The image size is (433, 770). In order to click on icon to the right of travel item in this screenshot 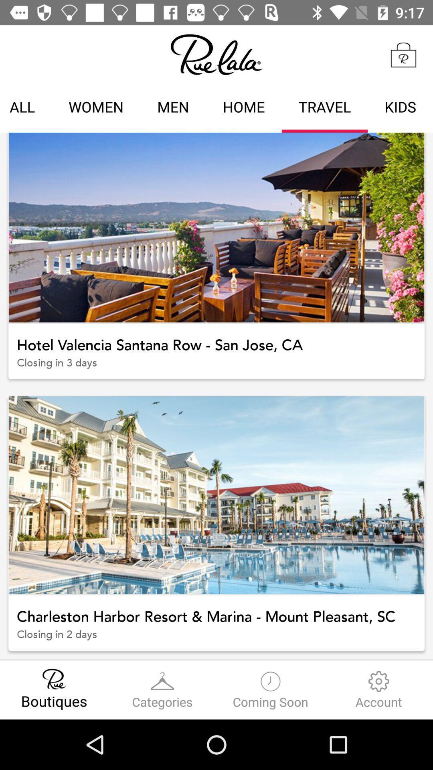, I will do `click(400, 108)`.